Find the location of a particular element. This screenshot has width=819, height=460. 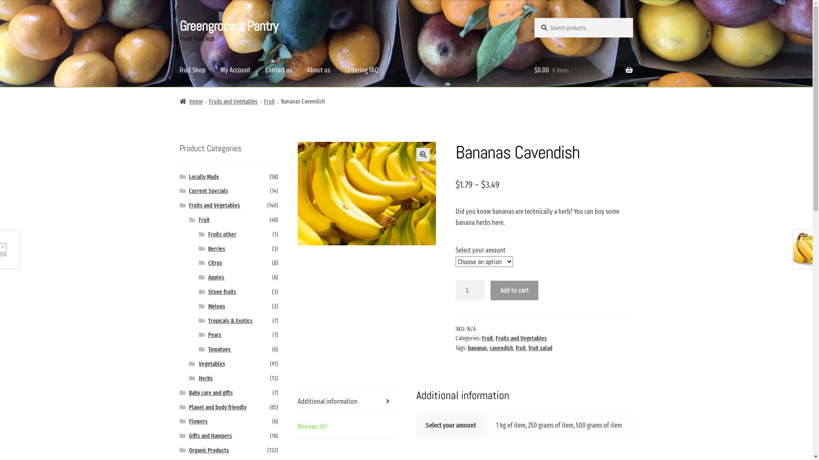

'Pears' is located at coordinates (215, 334).